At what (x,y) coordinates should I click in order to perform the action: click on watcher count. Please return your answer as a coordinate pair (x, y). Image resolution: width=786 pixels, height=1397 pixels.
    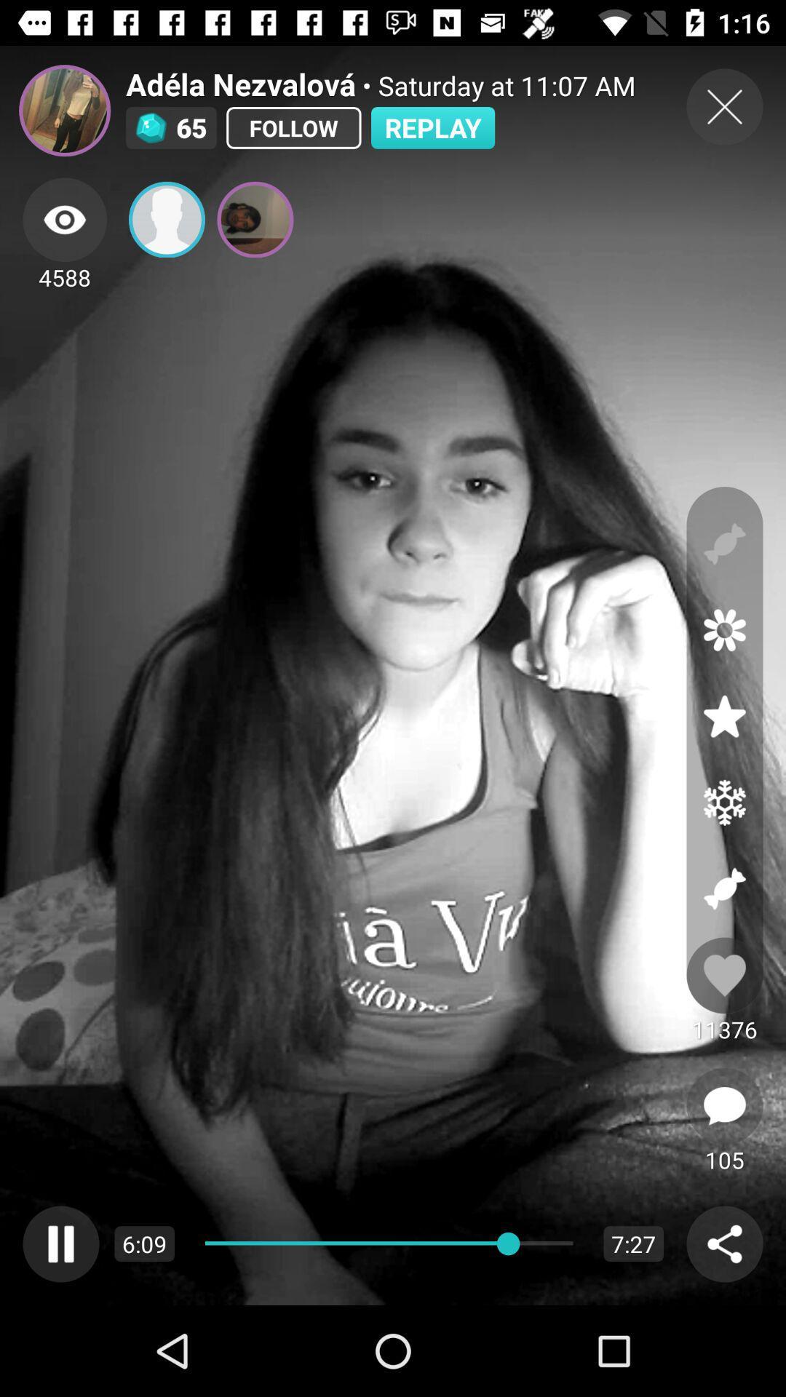
    Looking at the image, I should click on (64, 219).